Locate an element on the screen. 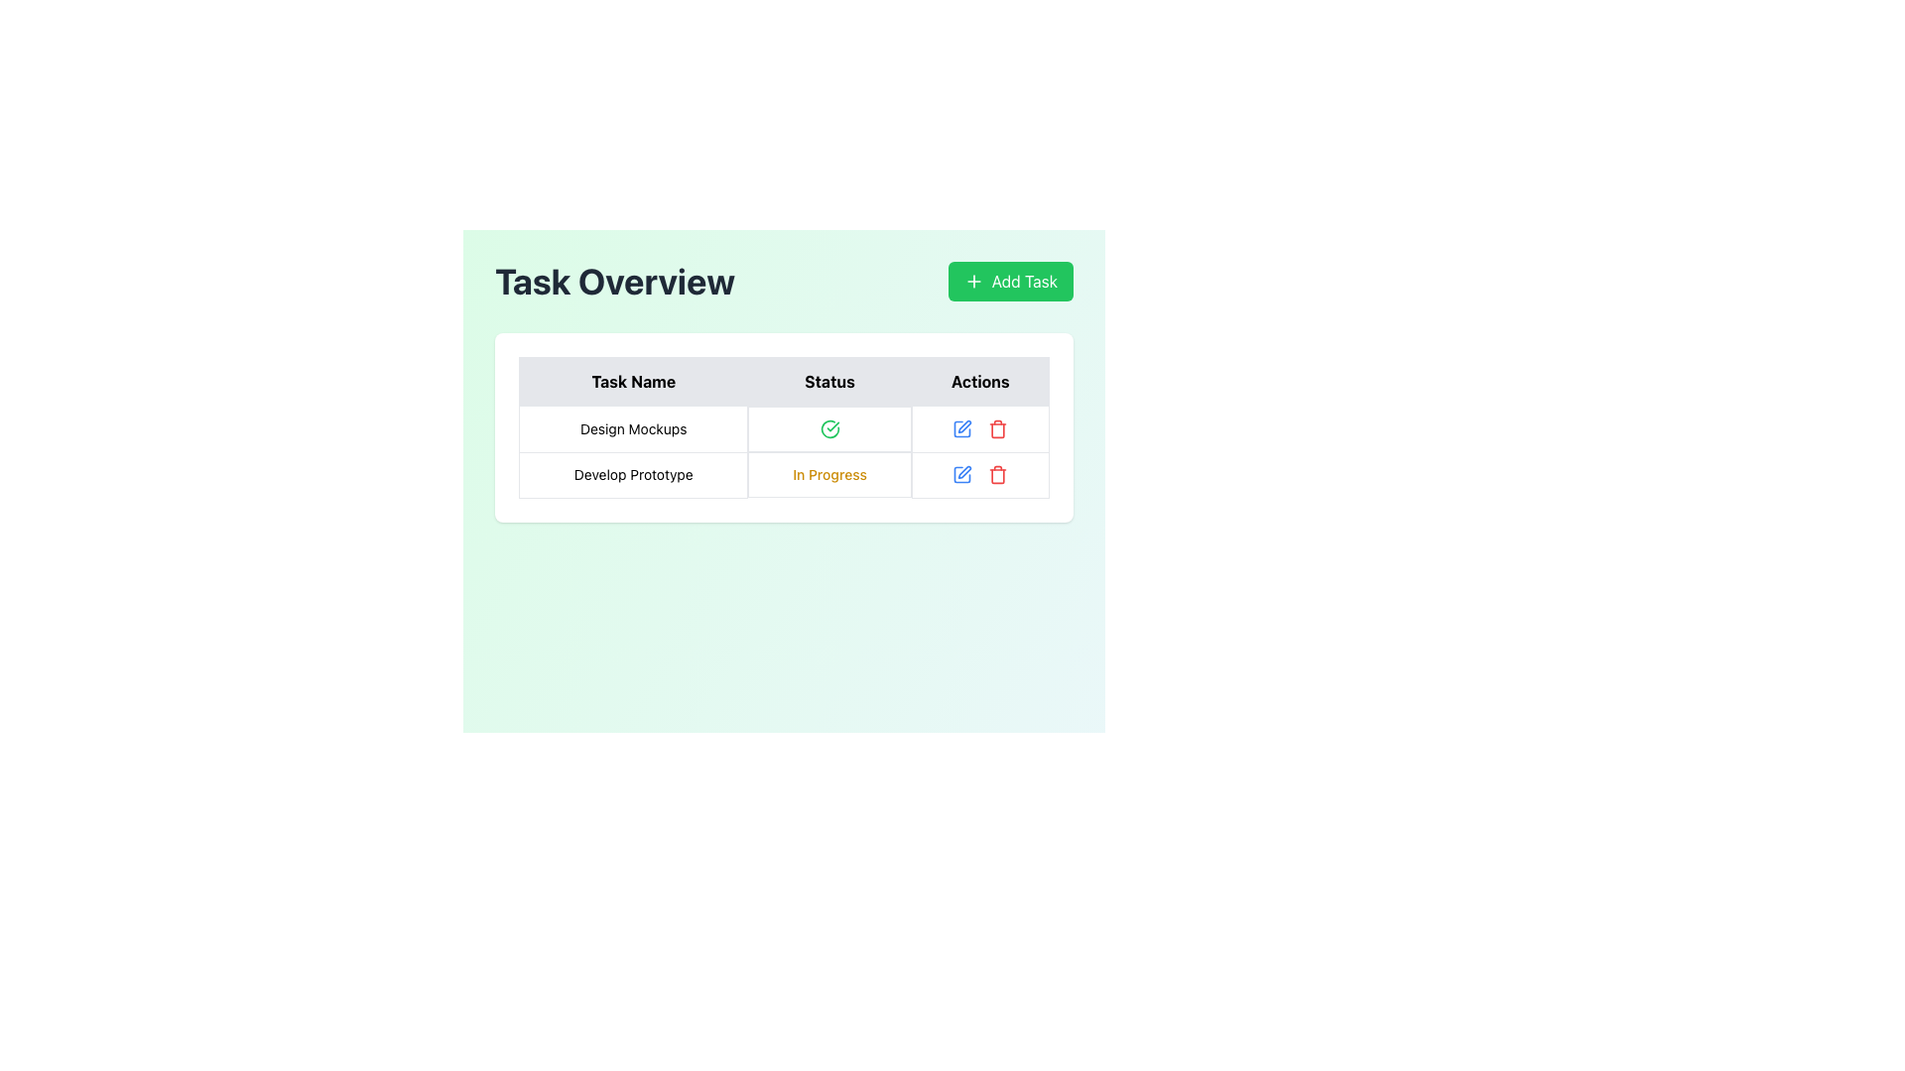 Image resolution: width=1905 pixels, height=1071 pixels. the rectangular text element displaying 'Design Mockups' located in the first column under the 'Task Overview' header is located at coordinates (632, 427).